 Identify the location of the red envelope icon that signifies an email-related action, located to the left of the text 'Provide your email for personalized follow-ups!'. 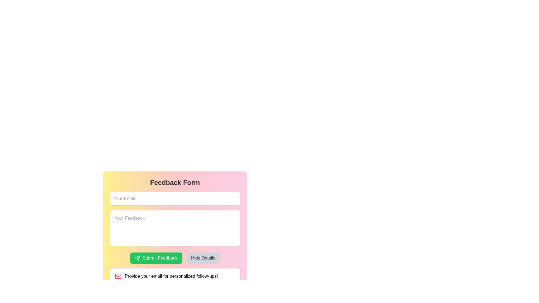
(118, 276).